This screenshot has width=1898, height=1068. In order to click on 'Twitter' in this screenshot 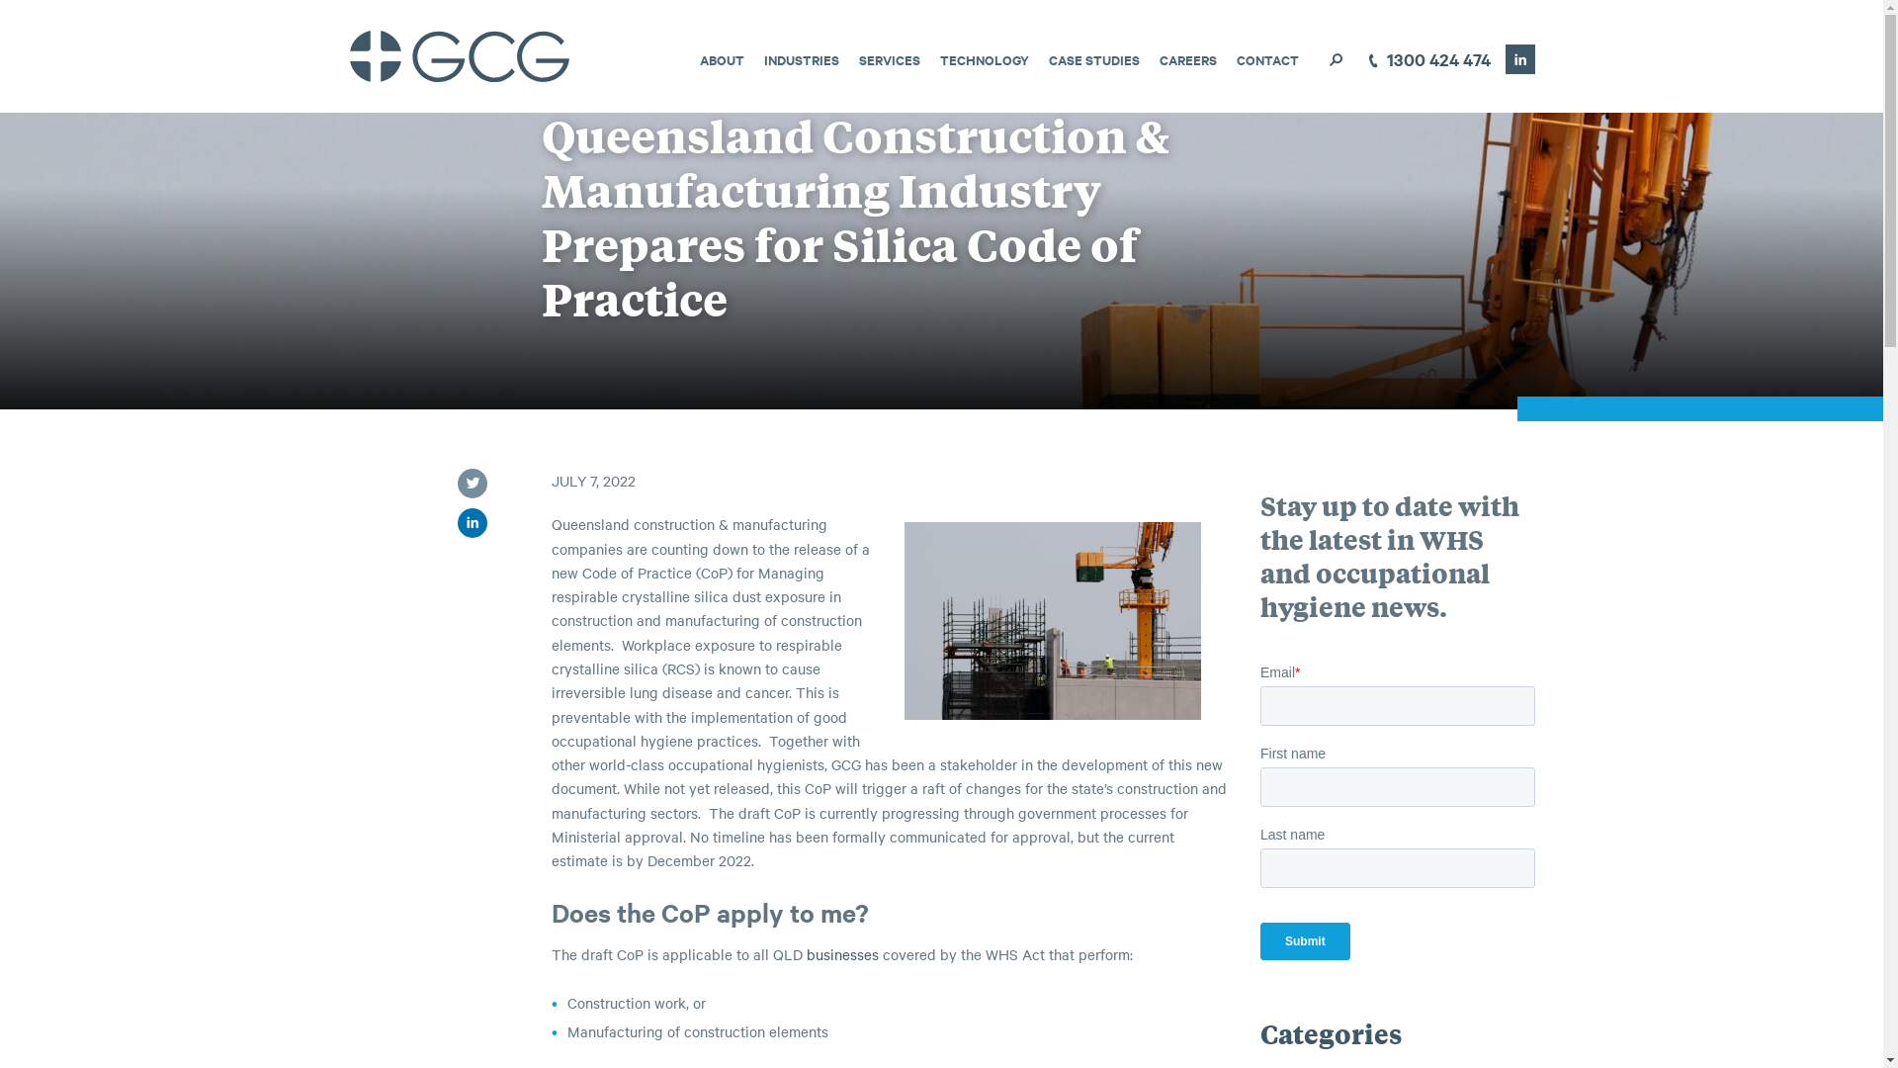, I will do `click(470, 484)`.